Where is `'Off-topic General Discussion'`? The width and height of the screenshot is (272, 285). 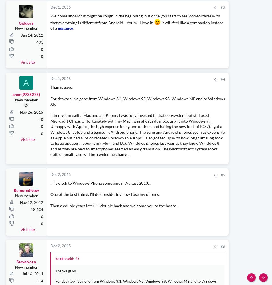
'Off-topic General Discussion' is located at coordinates (214, 186).